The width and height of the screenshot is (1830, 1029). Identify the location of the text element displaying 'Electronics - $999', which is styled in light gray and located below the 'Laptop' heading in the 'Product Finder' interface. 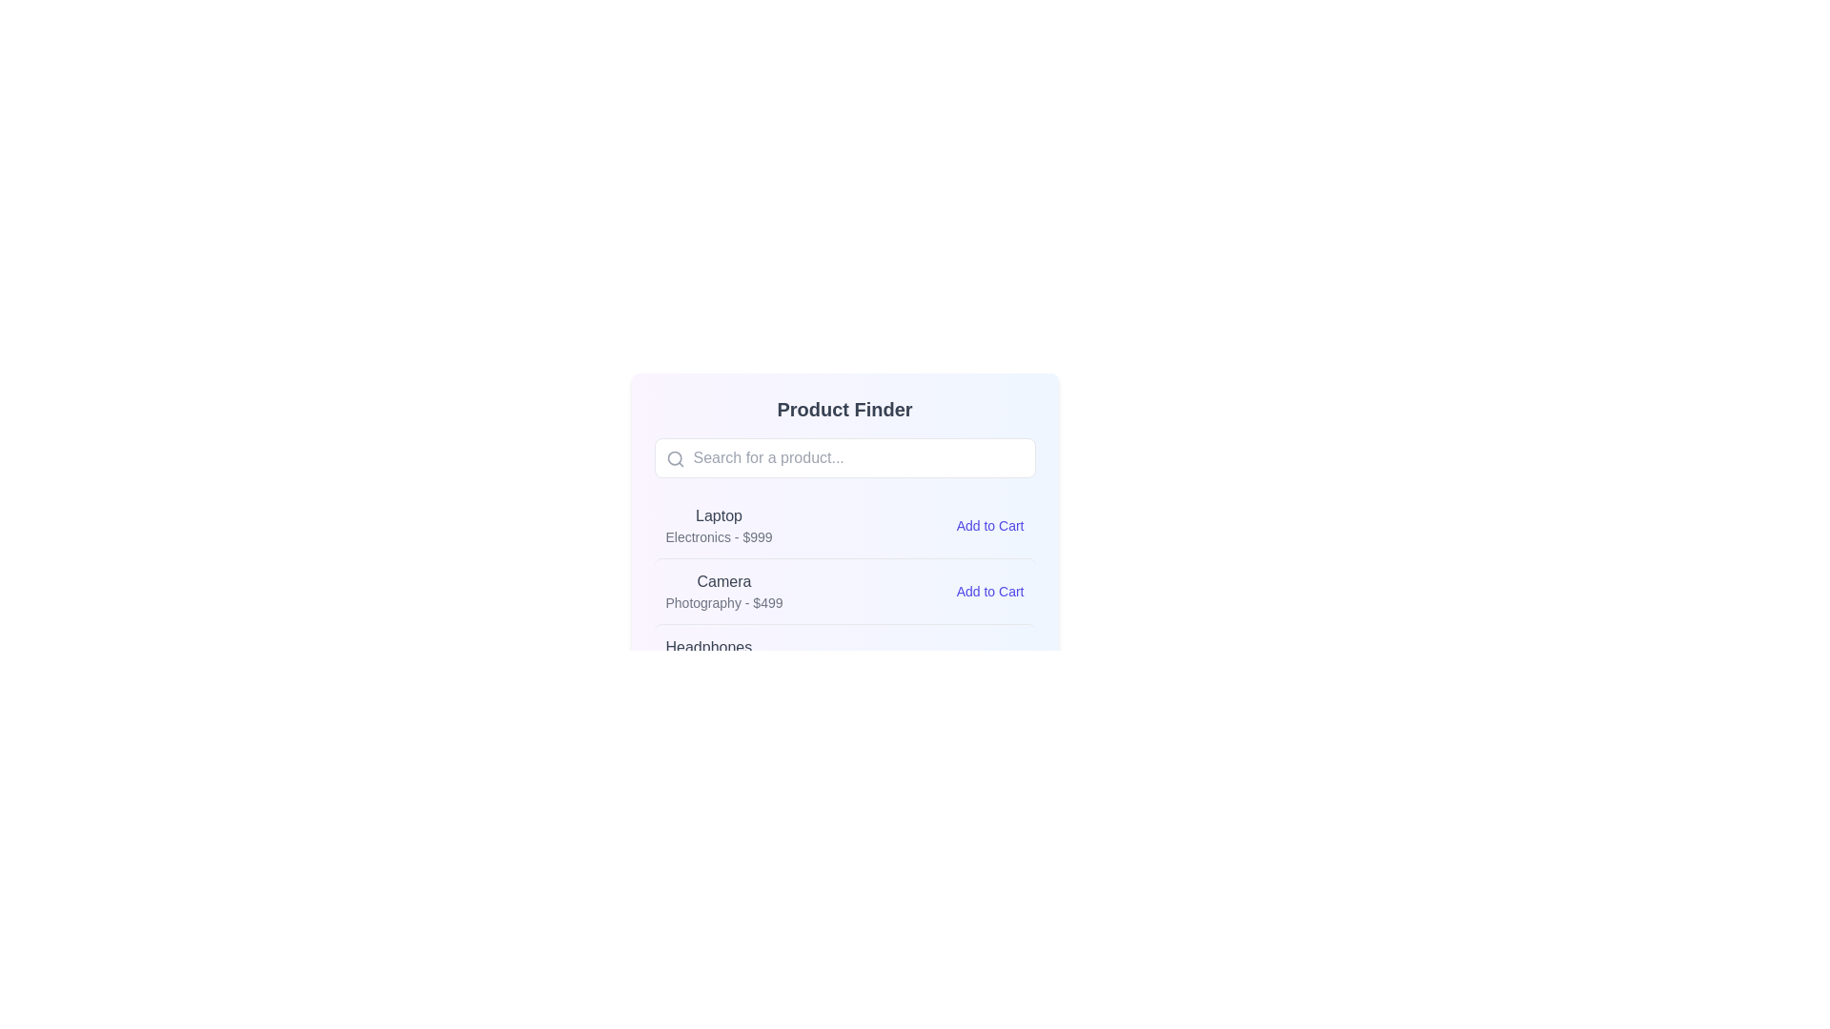
(718, 536).